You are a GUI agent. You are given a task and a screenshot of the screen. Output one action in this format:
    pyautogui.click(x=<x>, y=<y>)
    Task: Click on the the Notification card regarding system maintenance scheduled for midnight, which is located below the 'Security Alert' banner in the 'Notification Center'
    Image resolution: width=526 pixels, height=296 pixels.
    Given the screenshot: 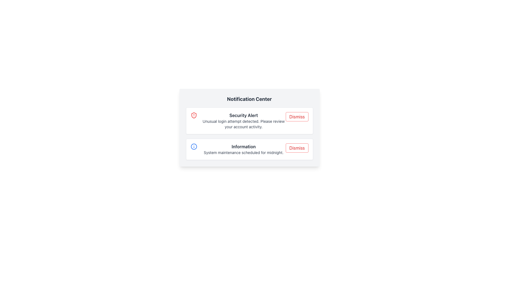 What is the action you would take?
    pyautogui.click(x=249, y=149)
    